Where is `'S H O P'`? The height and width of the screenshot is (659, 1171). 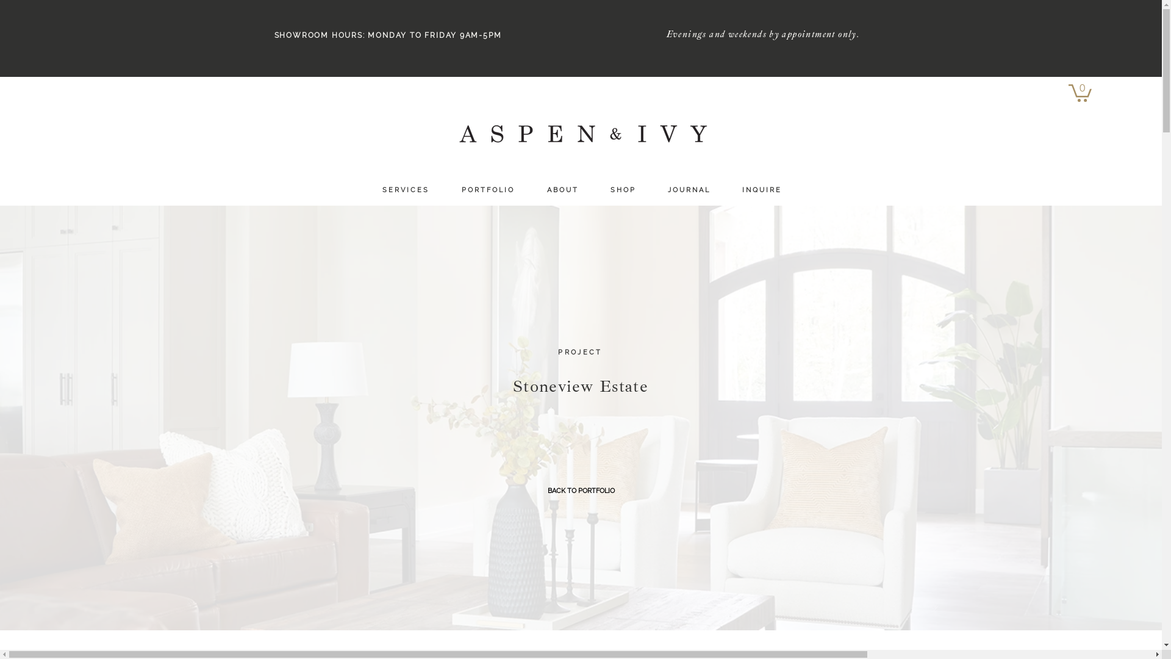 'S H O P' is located at coordinates (623, 190).